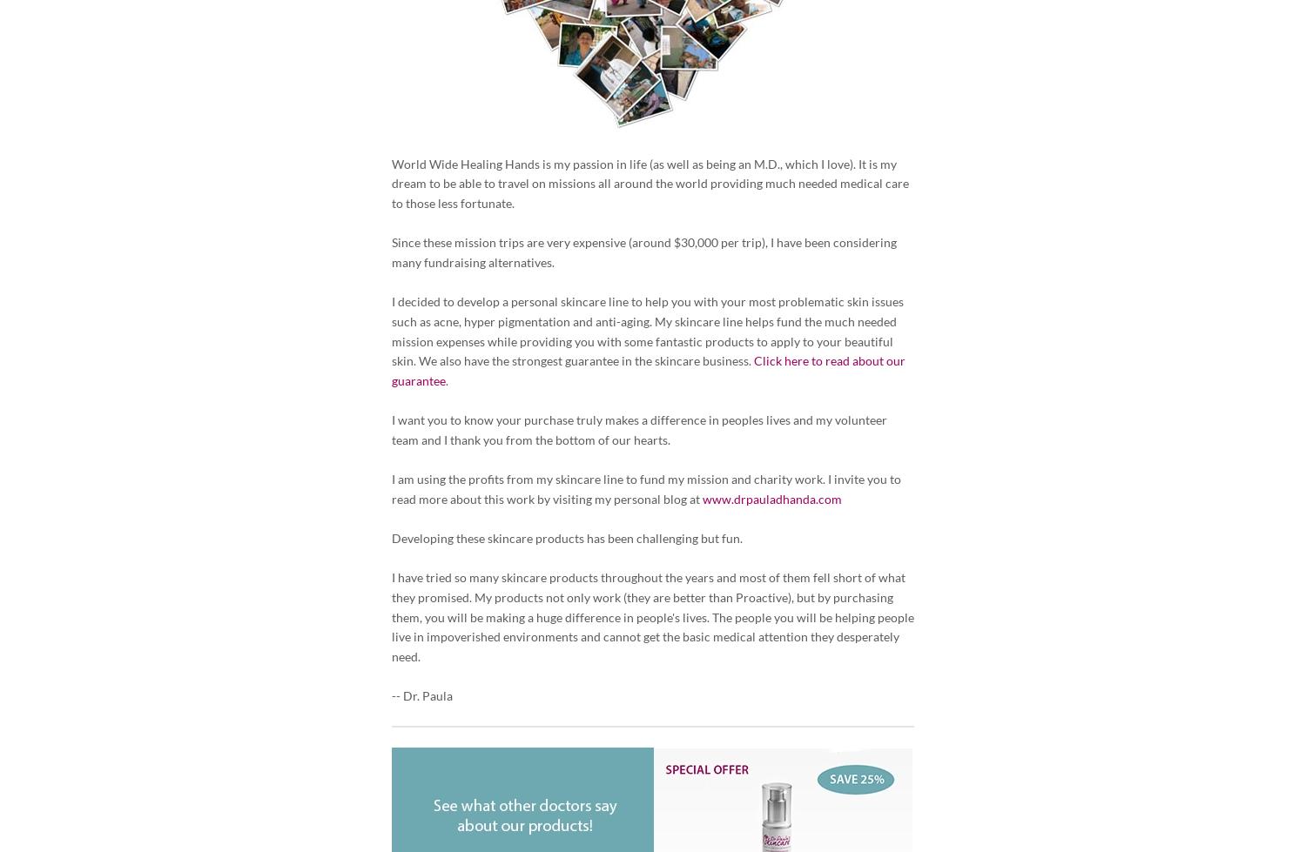 The image size is (1306, 852). What do you see at coordinates (650, 183) in the screenshot?
I see `'World Wide Healing Hands is my passion in life (as well as being an M.D., which I love). It is my dream to be able to travel on missions all around the world providing much needed medical care to those less fortunate.'` at bounding box center [650, 183].